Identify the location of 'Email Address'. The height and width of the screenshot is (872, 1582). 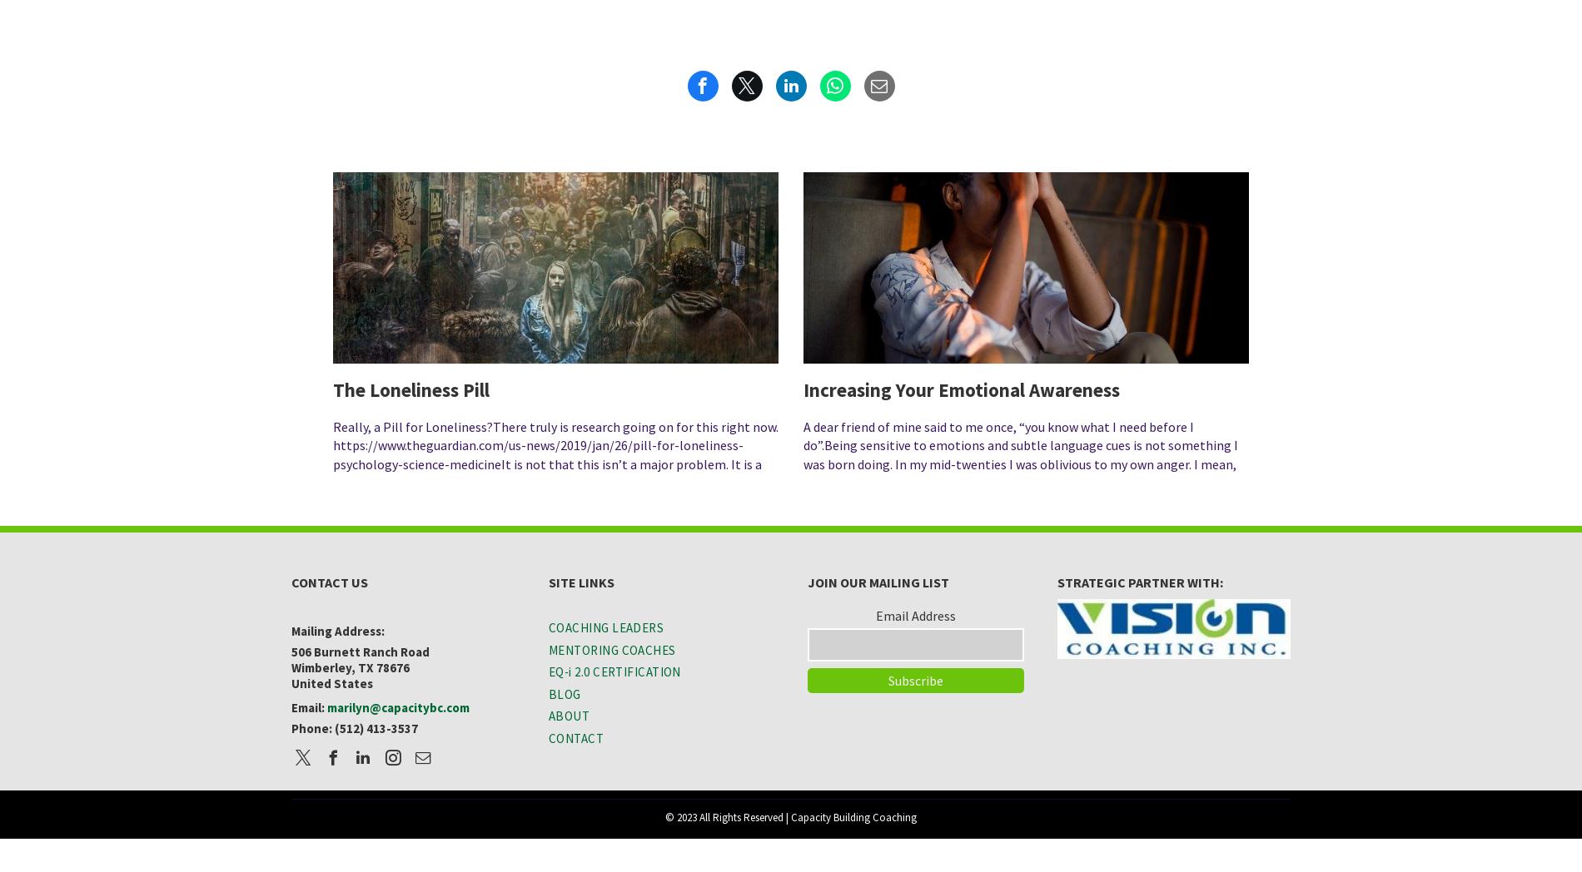
(915, 614).